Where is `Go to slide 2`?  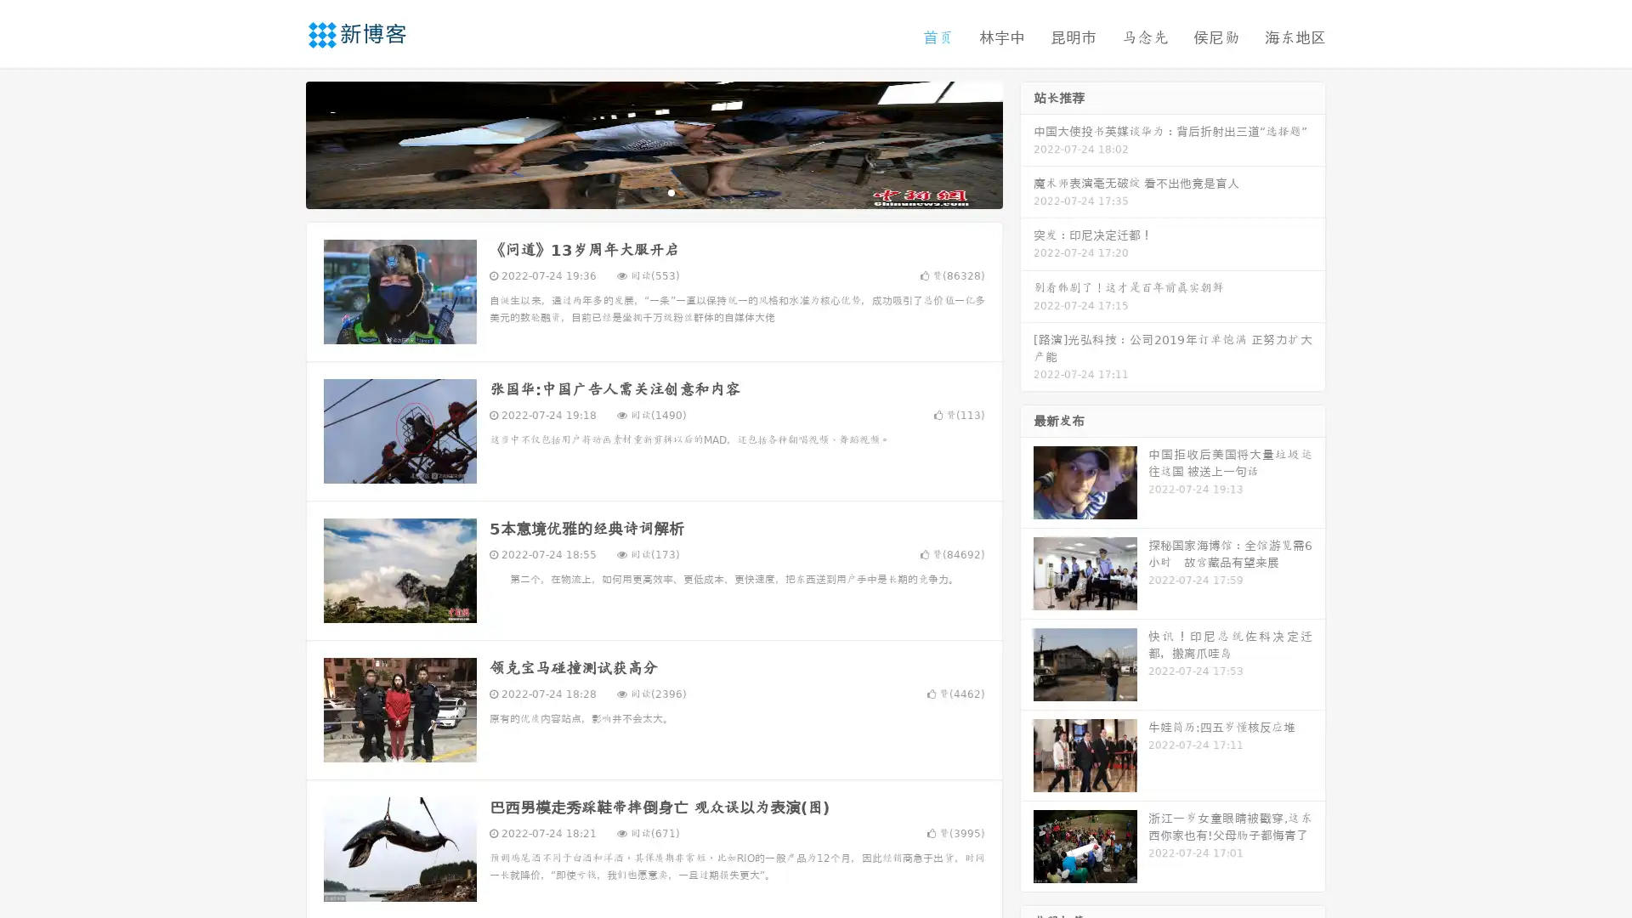
Go to slide 2 is located at coordinates (653, 191).